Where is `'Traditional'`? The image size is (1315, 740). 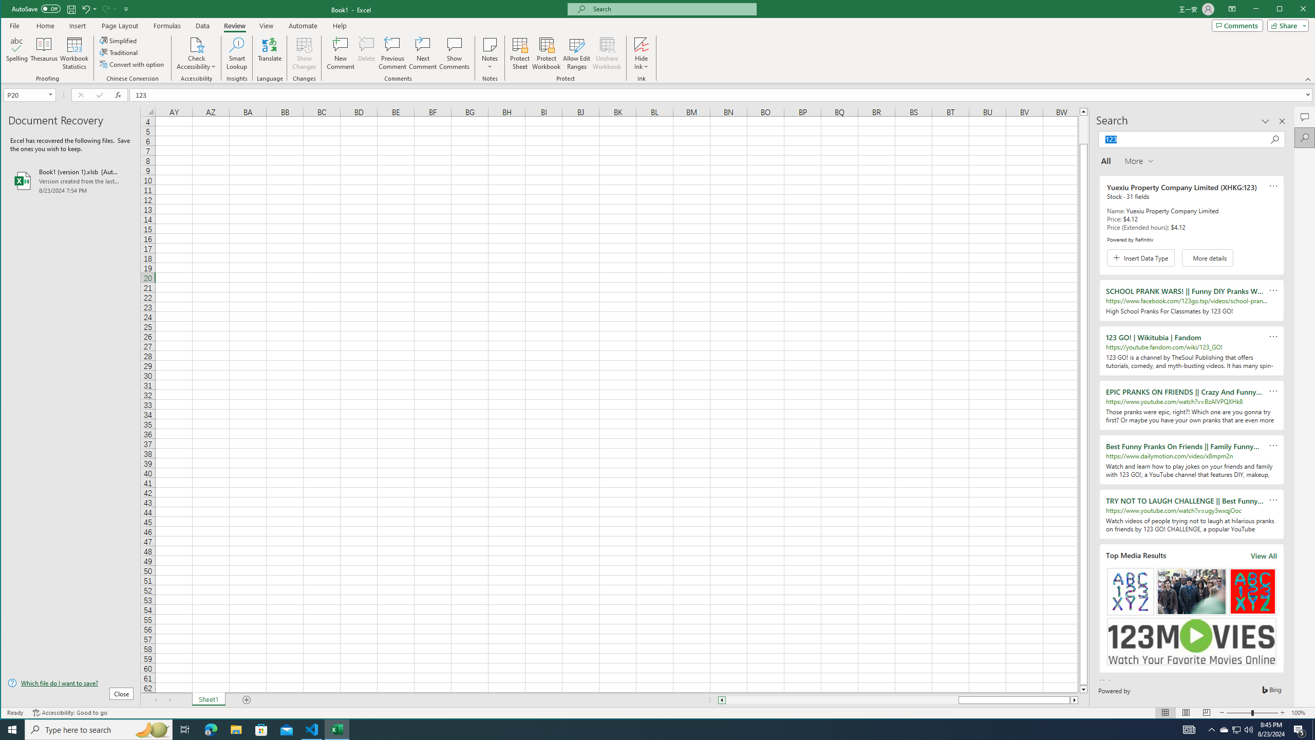 'Traditional' is located at coordinates (119, 52).